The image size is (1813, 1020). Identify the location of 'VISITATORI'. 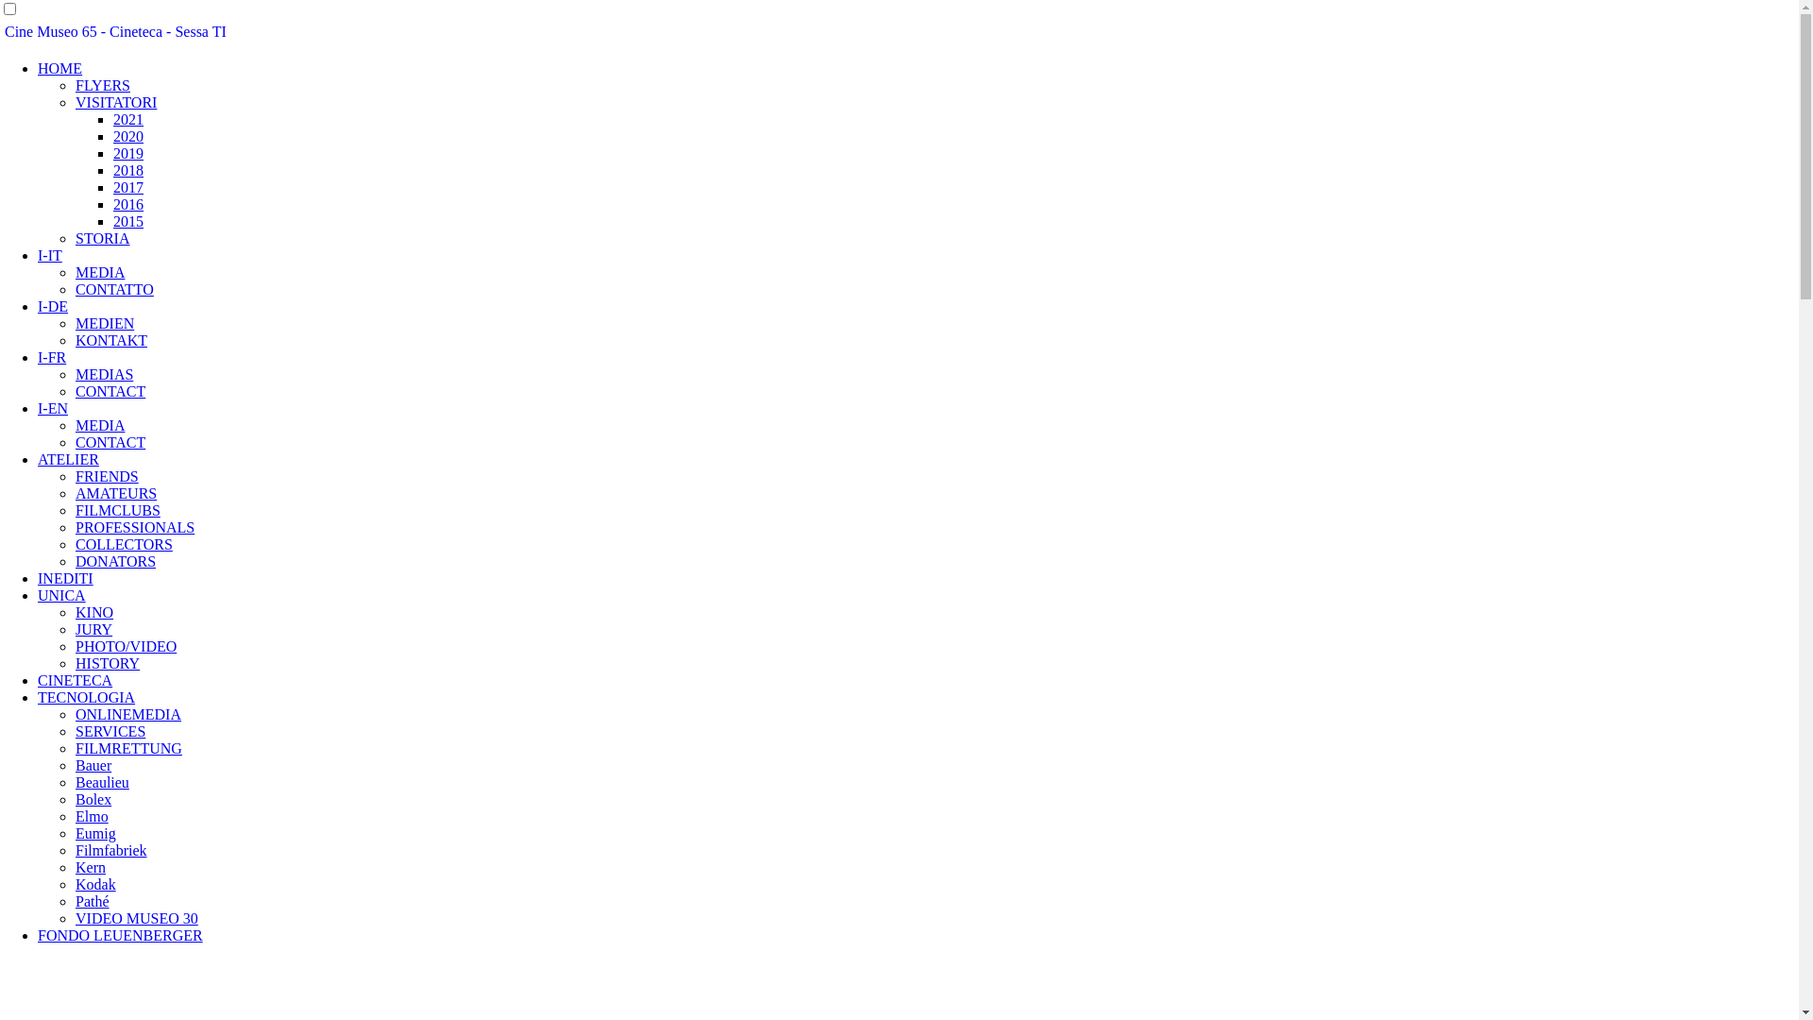
(76, 102).